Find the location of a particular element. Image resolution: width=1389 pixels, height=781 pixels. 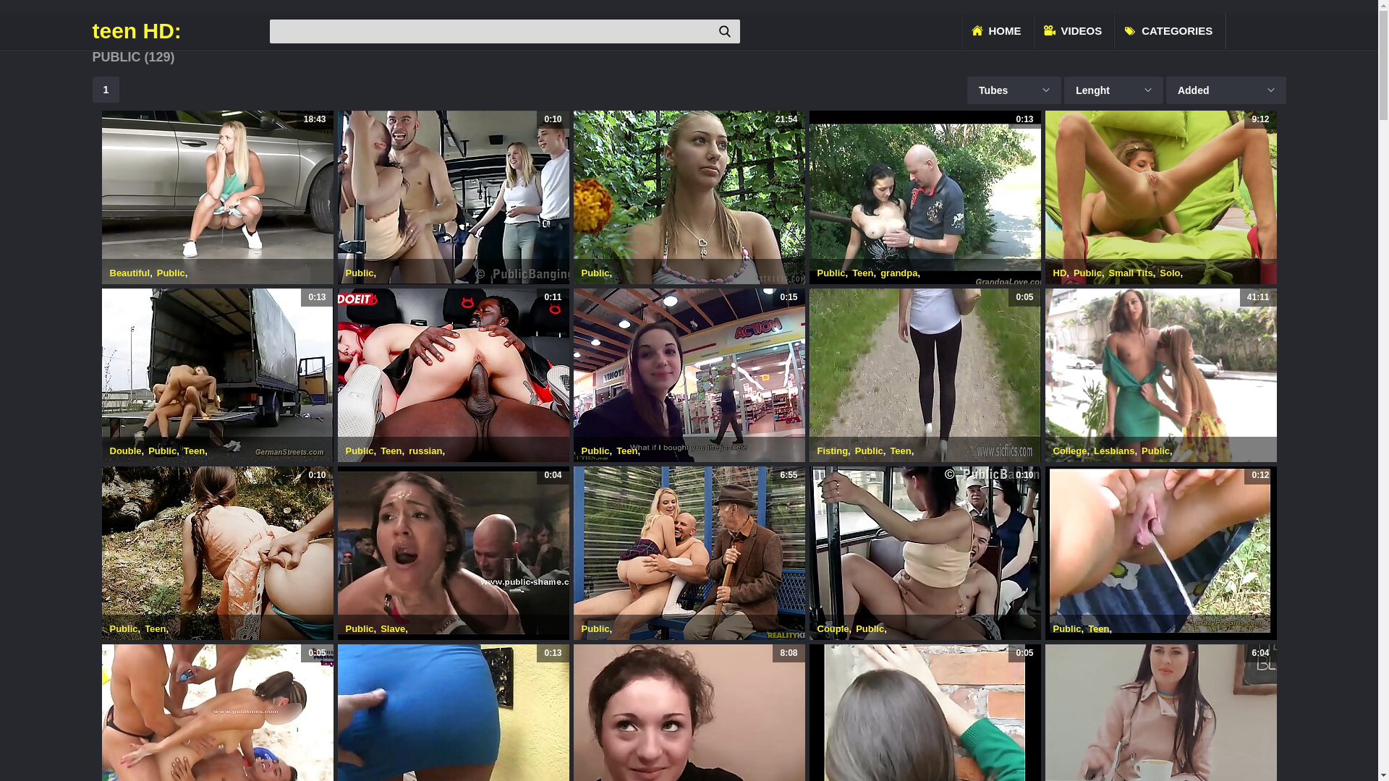

'Double' is located at coordinates (125, 450).